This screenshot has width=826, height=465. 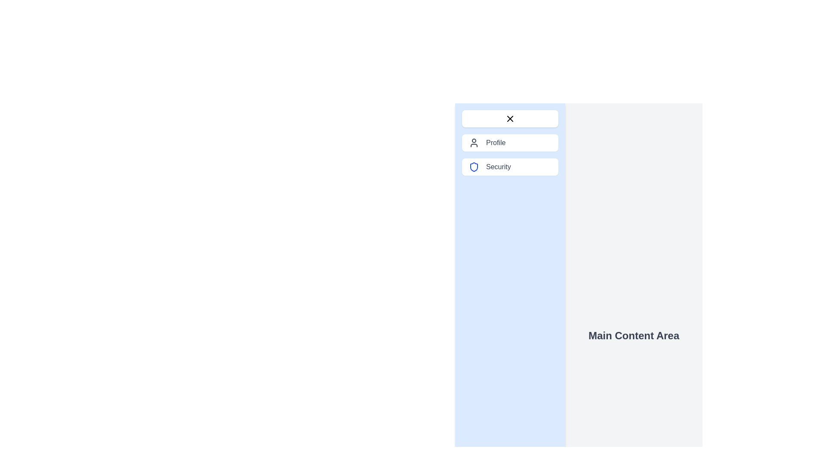 What do you see at coordinates (510, 167) in the screenshot?
I see `the 'Security' button with a shield icon in the blue sidebar` at bounding box center [510, 167].